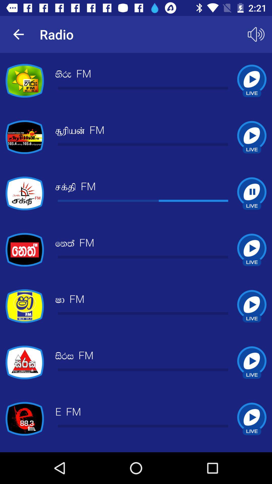  Describe the element at coordinates (18, 34) in the screenshot. I see `the item next to radio item` at that location.